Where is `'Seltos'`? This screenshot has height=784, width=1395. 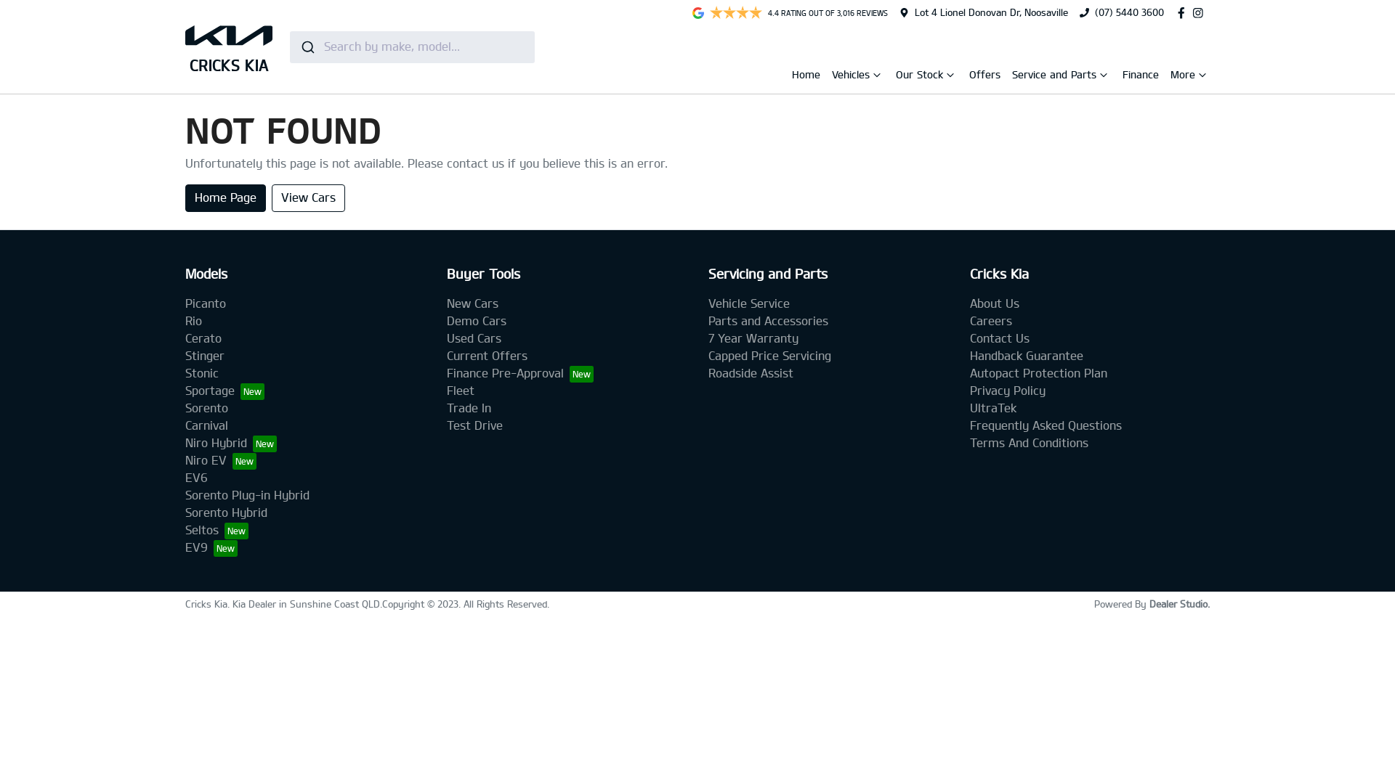 'Seltos' is located at coordinates (216, 530).